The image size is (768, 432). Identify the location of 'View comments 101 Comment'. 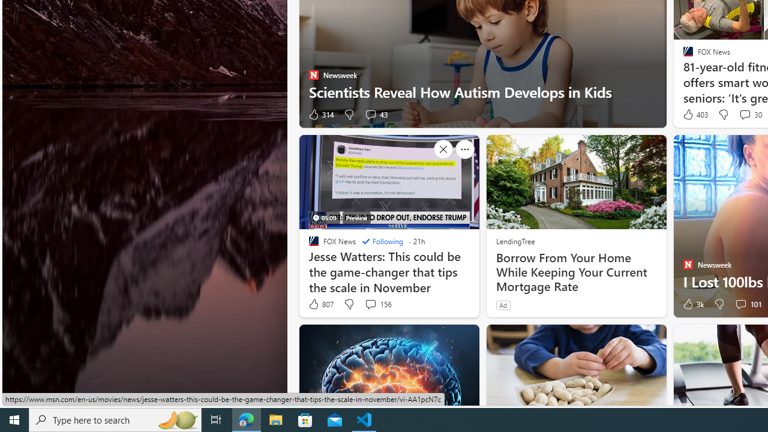
(740, 303).